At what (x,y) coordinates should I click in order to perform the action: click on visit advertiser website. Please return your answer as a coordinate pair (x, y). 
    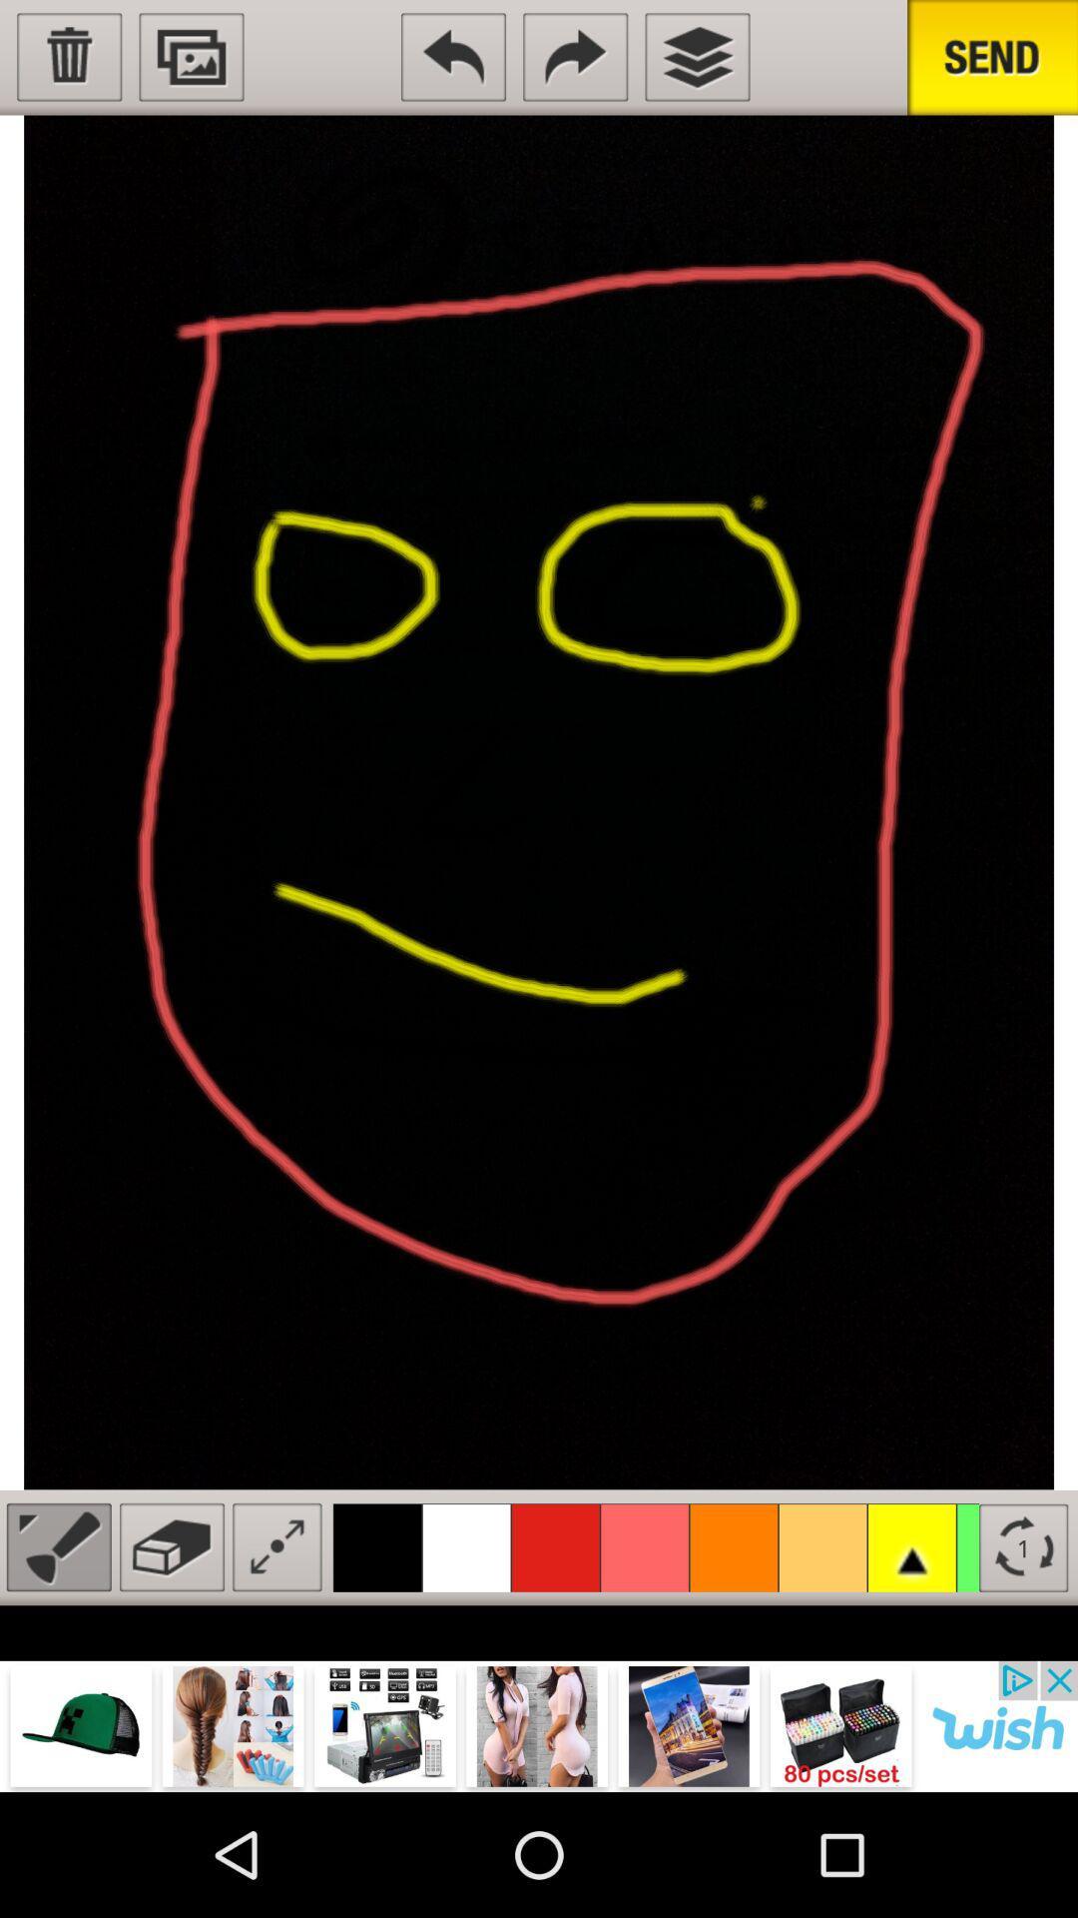
    Looking at the image, I should click on (539, 1725).